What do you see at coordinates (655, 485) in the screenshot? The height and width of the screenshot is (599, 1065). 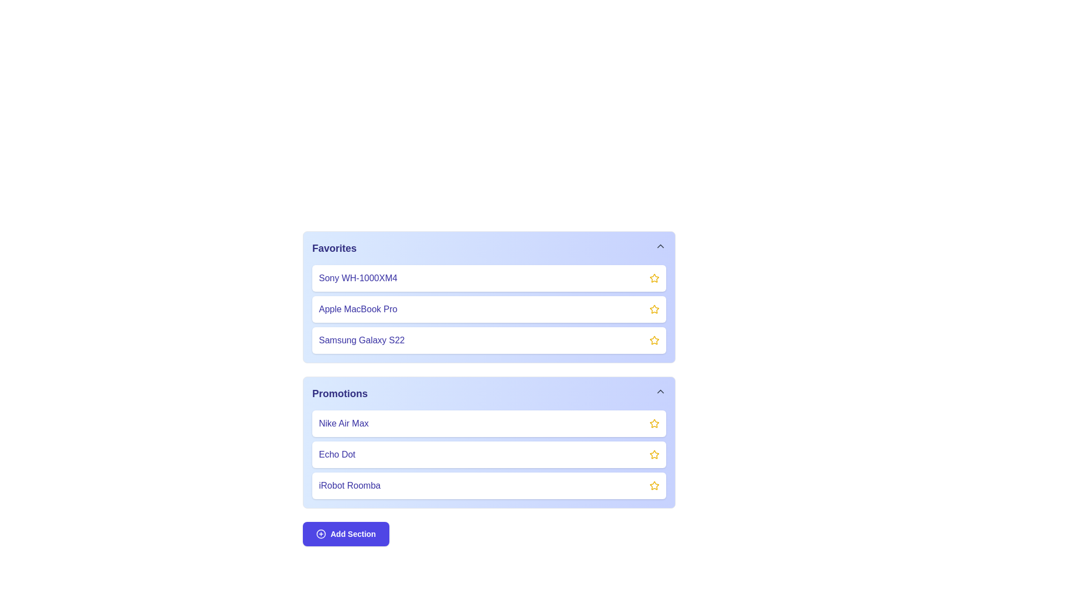 I see `the star icon to favorite the item iRobot Roomba` at bounding box center [655, 485].